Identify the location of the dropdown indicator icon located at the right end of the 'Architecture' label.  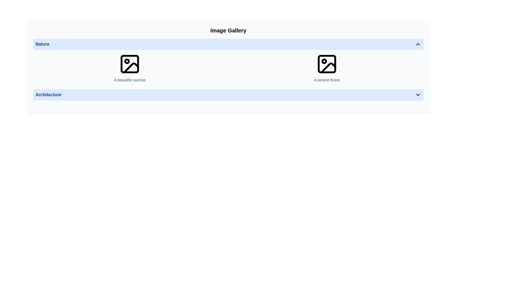
(418, 94).